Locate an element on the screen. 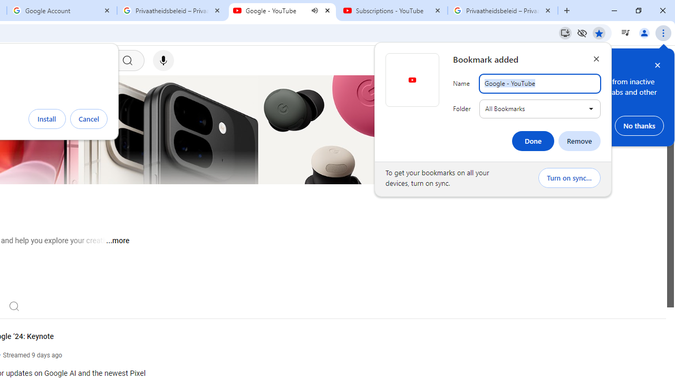 The width and height of the screenshot is (675, 379). 'Bookmark name' is located at coordinates (540, 83).